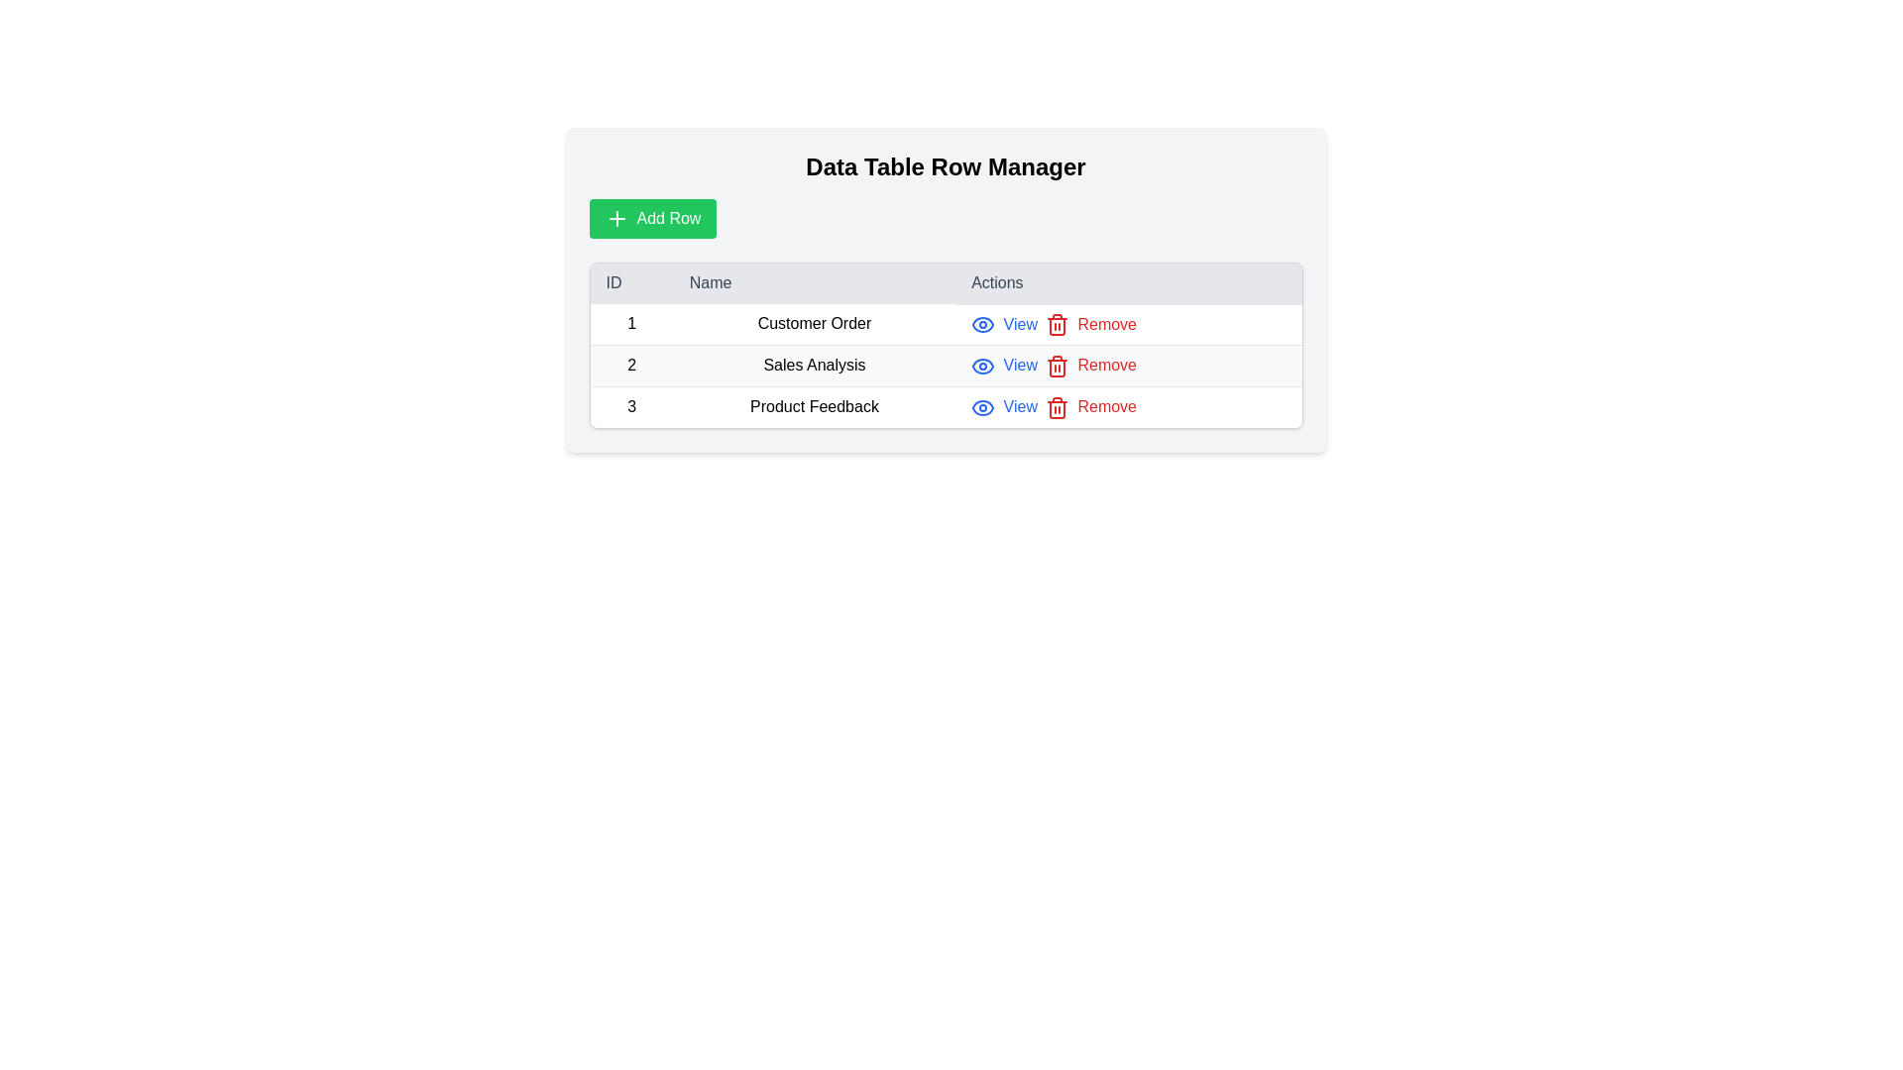  Describe the element at coordinates (630, 366) in the screenshot. I see `the text label displaying the number '2' located in the second row of the data table under the 'ID' column, which is positioned to the immediate left of the 'Sales Analysis' text` at that location.